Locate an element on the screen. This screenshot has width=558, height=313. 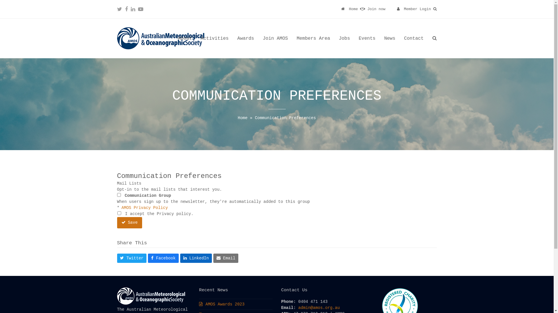
'LinkedIn' is located at coordinates (196, 258).